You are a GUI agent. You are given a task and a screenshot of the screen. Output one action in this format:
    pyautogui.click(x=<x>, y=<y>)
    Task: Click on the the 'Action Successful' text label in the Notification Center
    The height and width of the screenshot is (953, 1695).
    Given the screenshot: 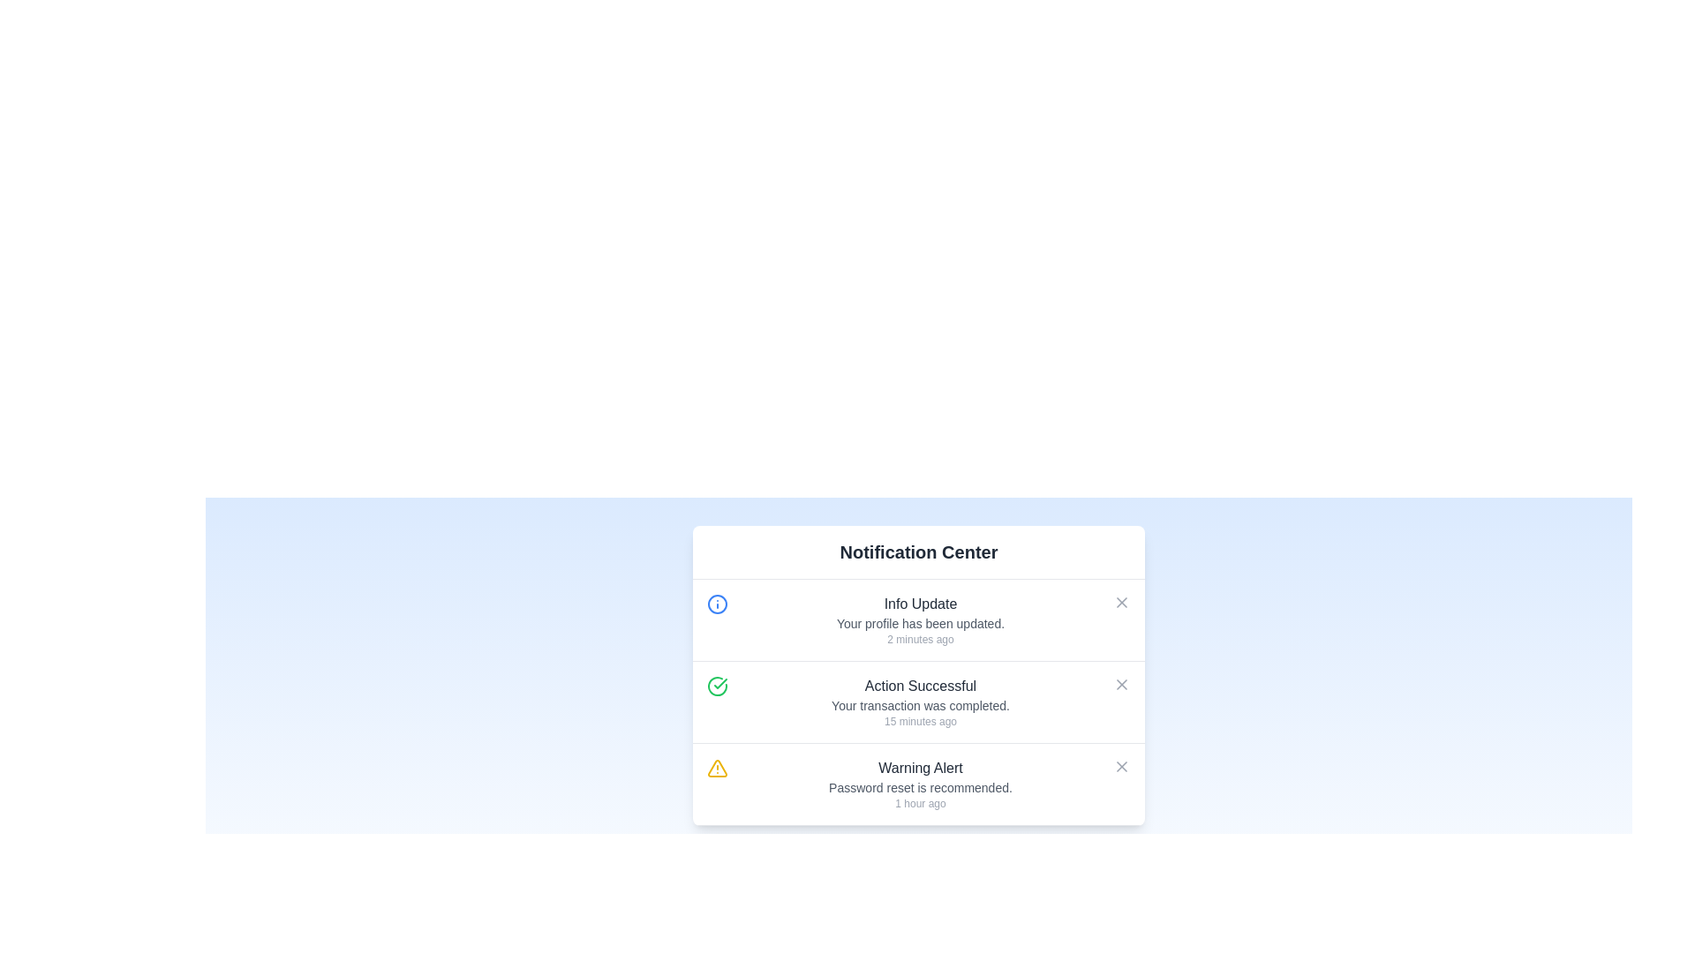 What is the action you would take?
    pyautogui.click(x=919, y=704)
    